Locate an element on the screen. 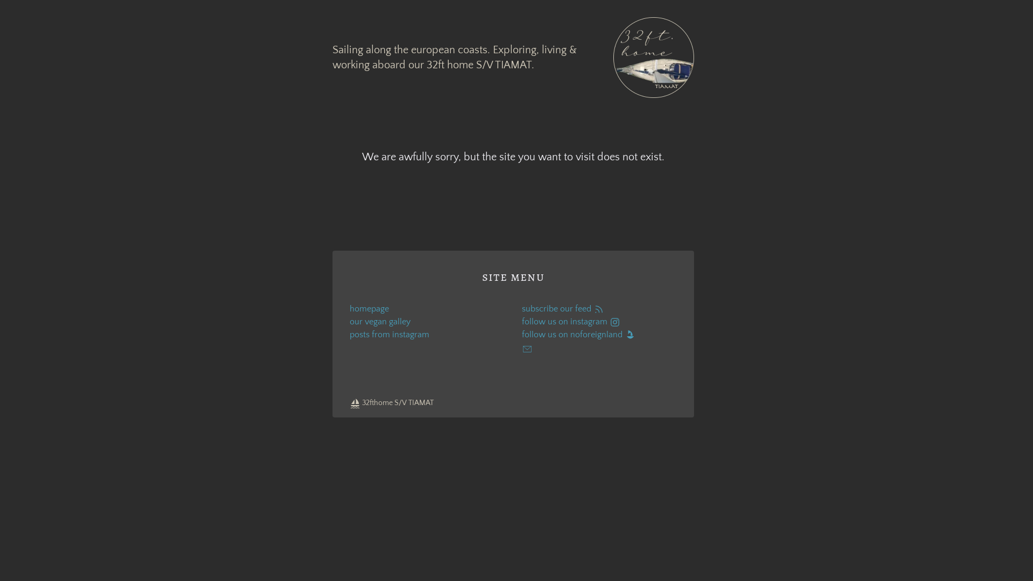  'subscribe our feed' is located at coordinates (598, 309).